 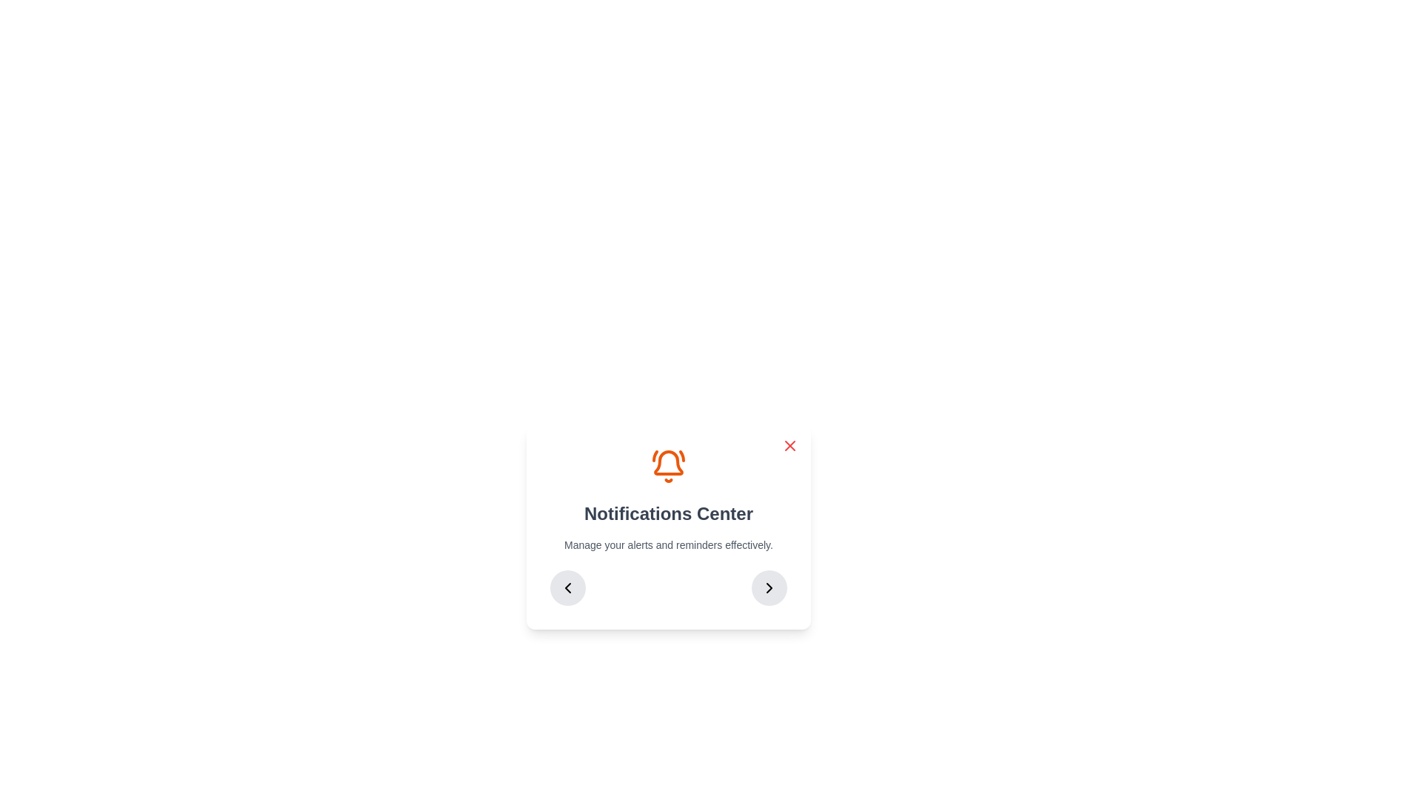 I want to click on the heading text element that indicates the purpose of the notification-related features, positioned below the notification bell icon and above the text 'Manage your alerts and reminders effectively', so click(x=667, y=513).